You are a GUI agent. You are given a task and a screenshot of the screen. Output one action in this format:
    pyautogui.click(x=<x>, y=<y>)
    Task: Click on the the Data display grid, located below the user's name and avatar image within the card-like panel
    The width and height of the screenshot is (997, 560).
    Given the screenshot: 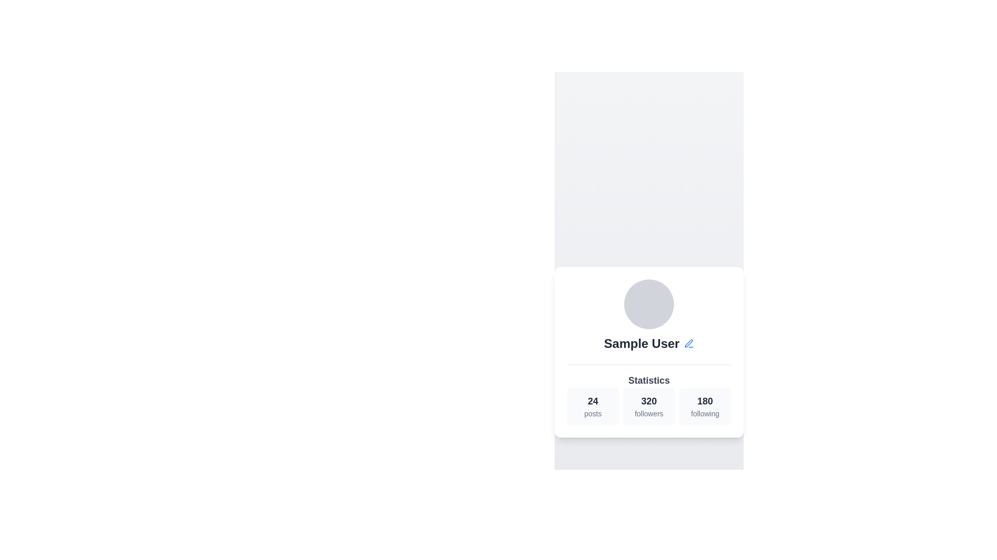 What is the action you would take?
    pyautogui.click(x=648, y=394)
    